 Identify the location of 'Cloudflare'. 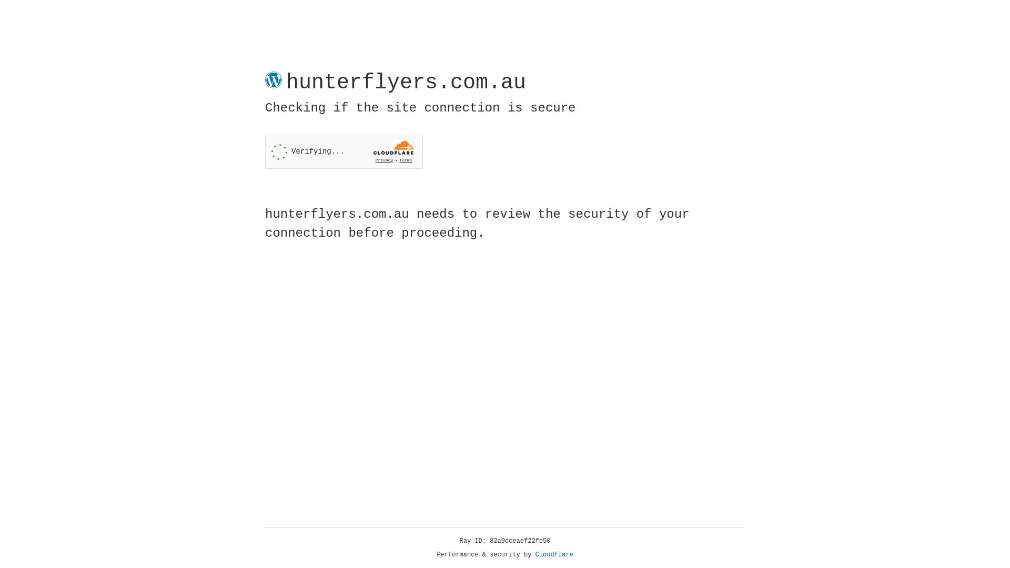
(554, 554).